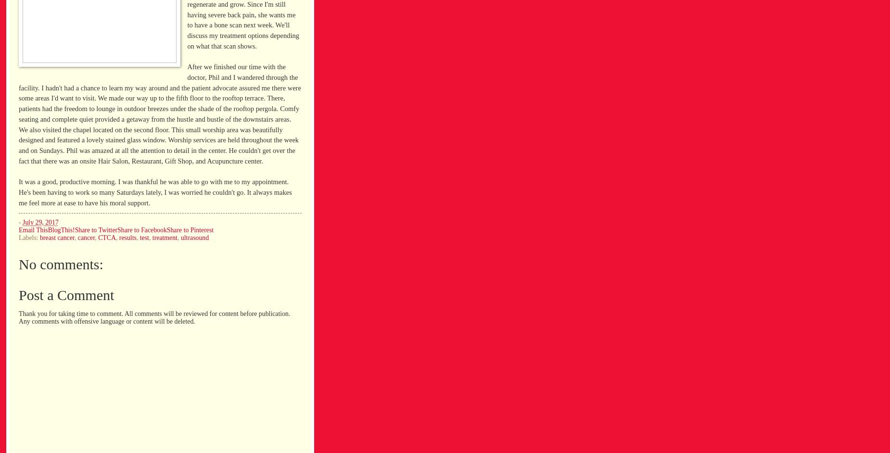 This screenshot has height=453, width=890. I want to click on 'No comments:', so click(60, 264).